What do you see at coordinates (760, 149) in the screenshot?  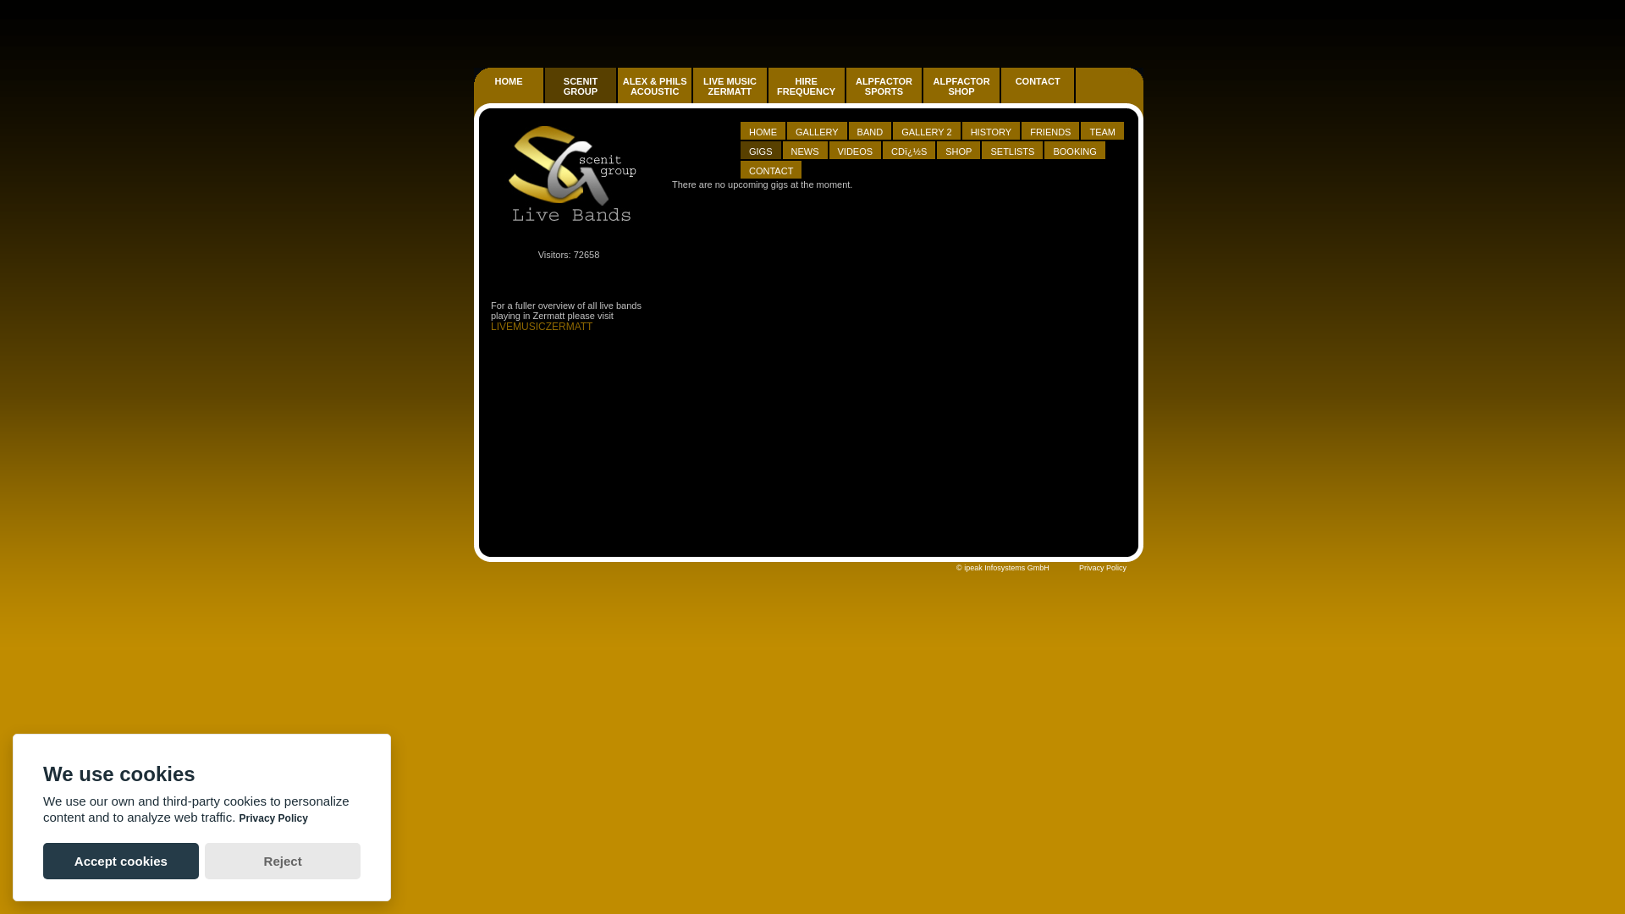 I see `'GIGS'` at bounding box center [760, 149].